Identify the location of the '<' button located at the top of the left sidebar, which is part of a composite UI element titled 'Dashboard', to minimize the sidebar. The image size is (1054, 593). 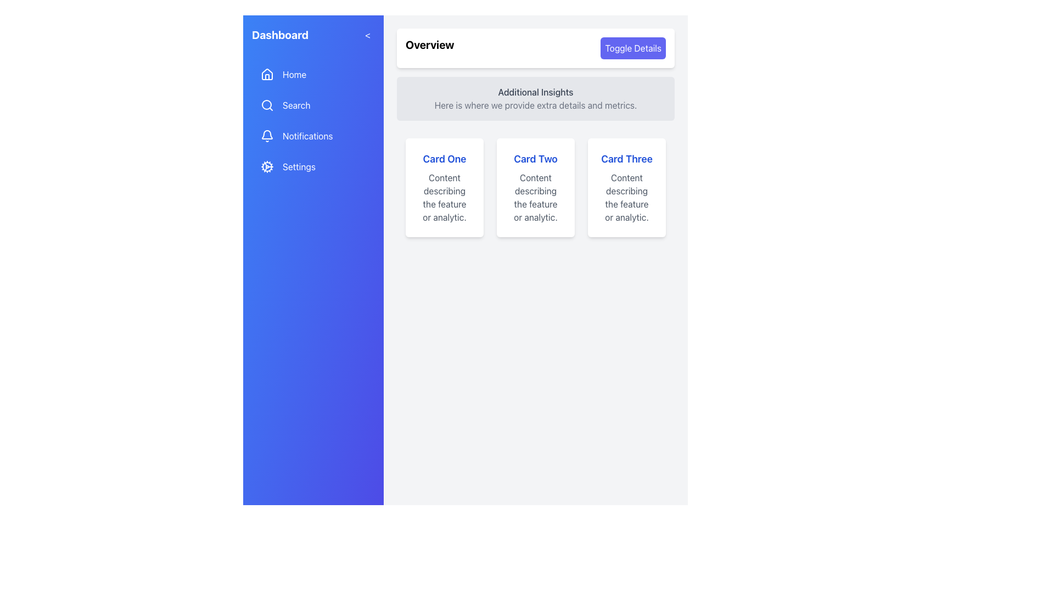
(313, 35).